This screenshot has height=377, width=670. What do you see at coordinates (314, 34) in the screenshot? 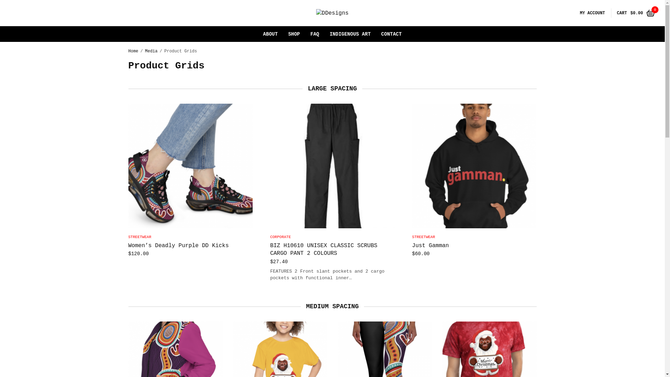
I see `'FAQ'` at bounding box center [314, 34].